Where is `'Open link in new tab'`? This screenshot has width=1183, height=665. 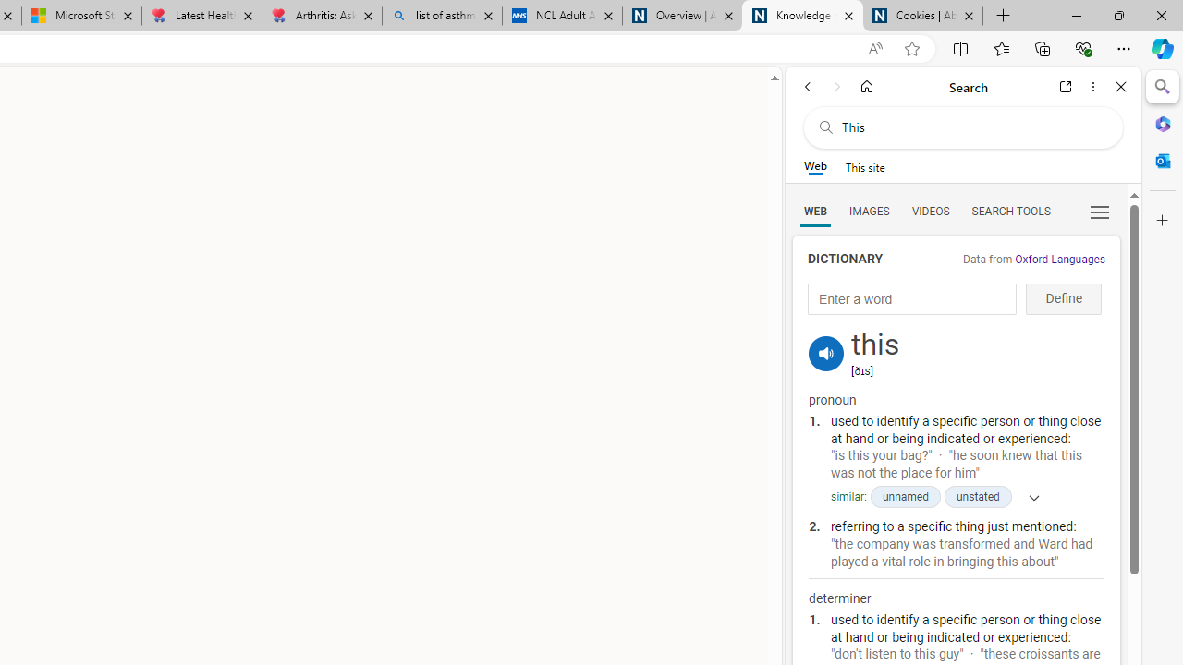 'Open link in new tab' is located at coordinates (1066, 86).